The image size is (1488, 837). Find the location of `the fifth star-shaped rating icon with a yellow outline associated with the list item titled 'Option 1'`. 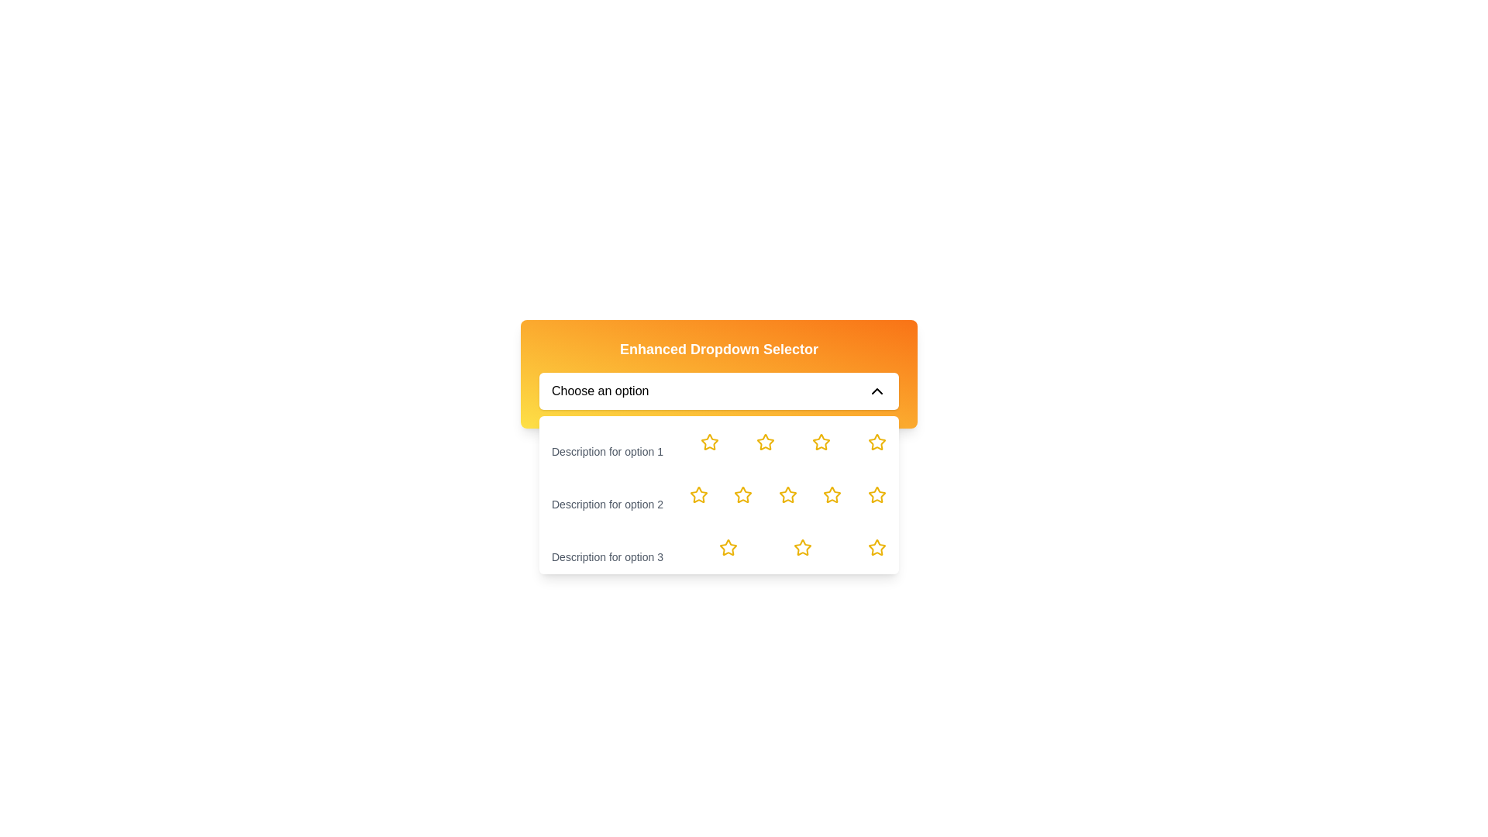

the fifth star-shaped rating icon with a yellow outline associated with the list item titled 'Option 1' is located at coordinates (821, 442).